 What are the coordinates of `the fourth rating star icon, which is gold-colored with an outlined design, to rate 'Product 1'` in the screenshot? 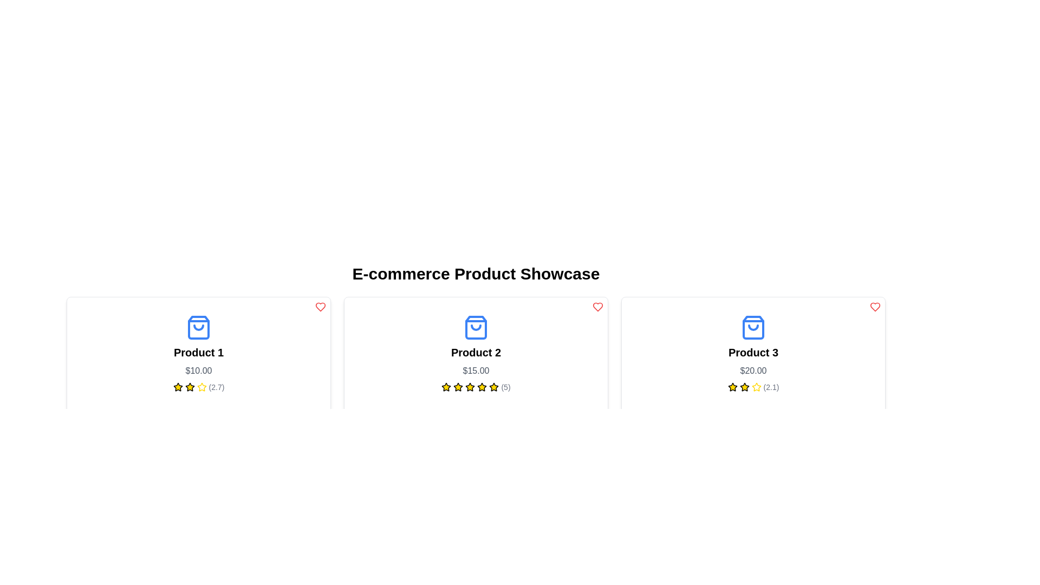 It's located at (201, 386).